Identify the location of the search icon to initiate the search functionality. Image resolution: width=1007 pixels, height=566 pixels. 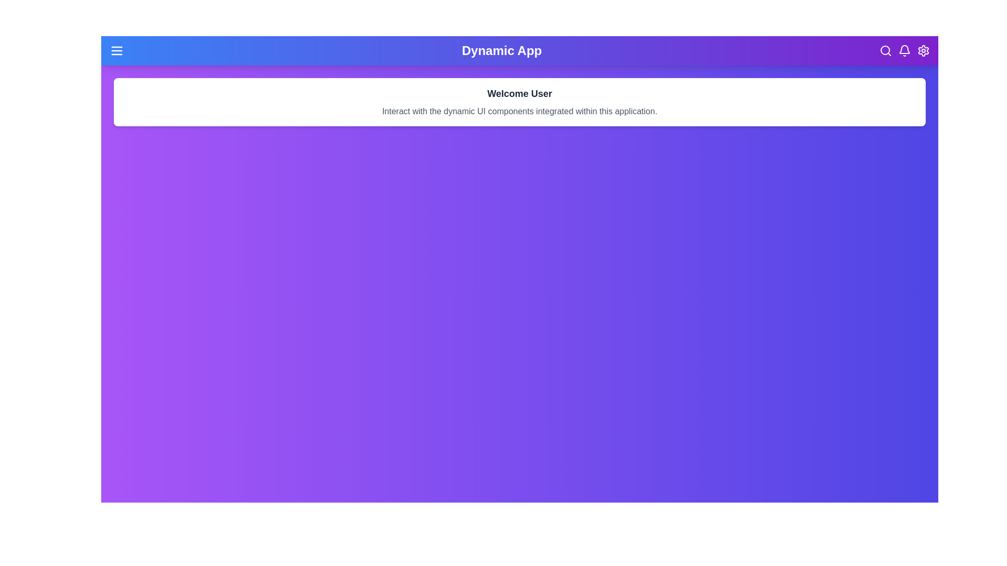
(885, 50).